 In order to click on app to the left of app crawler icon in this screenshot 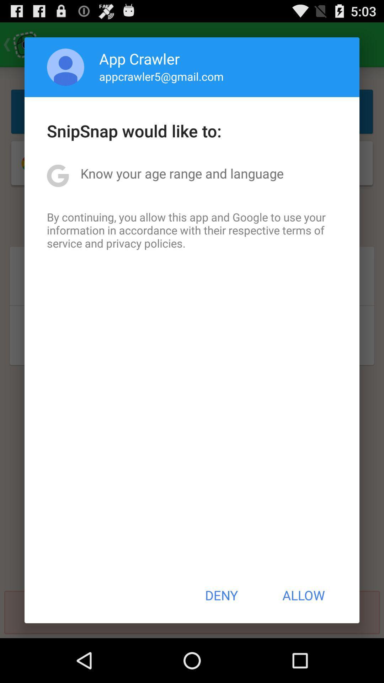, I will do `click(65, 67)`.